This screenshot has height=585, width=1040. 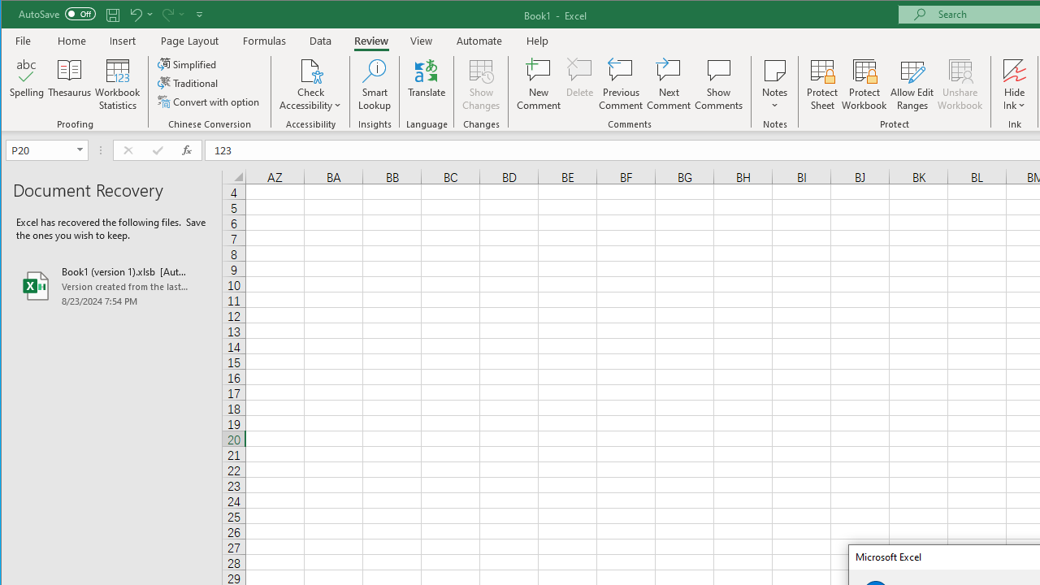 I want to click on 'Thesaurus...', so click(x=69, y=84).